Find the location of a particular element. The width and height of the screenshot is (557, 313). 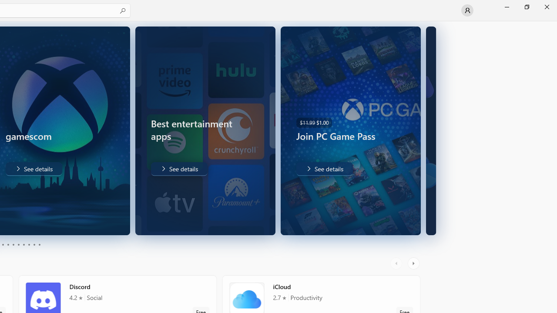

'Page 9' is located at coordinates (34, 245).